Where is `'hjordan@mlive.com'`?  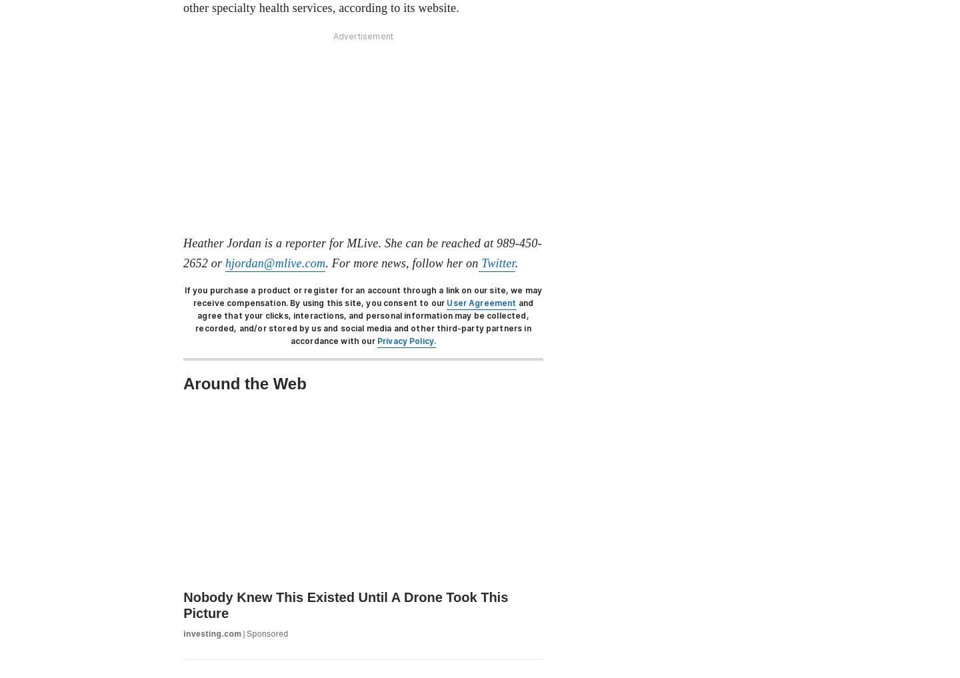 'hjordan@mlive.com' is located at coordinates (274, 261).